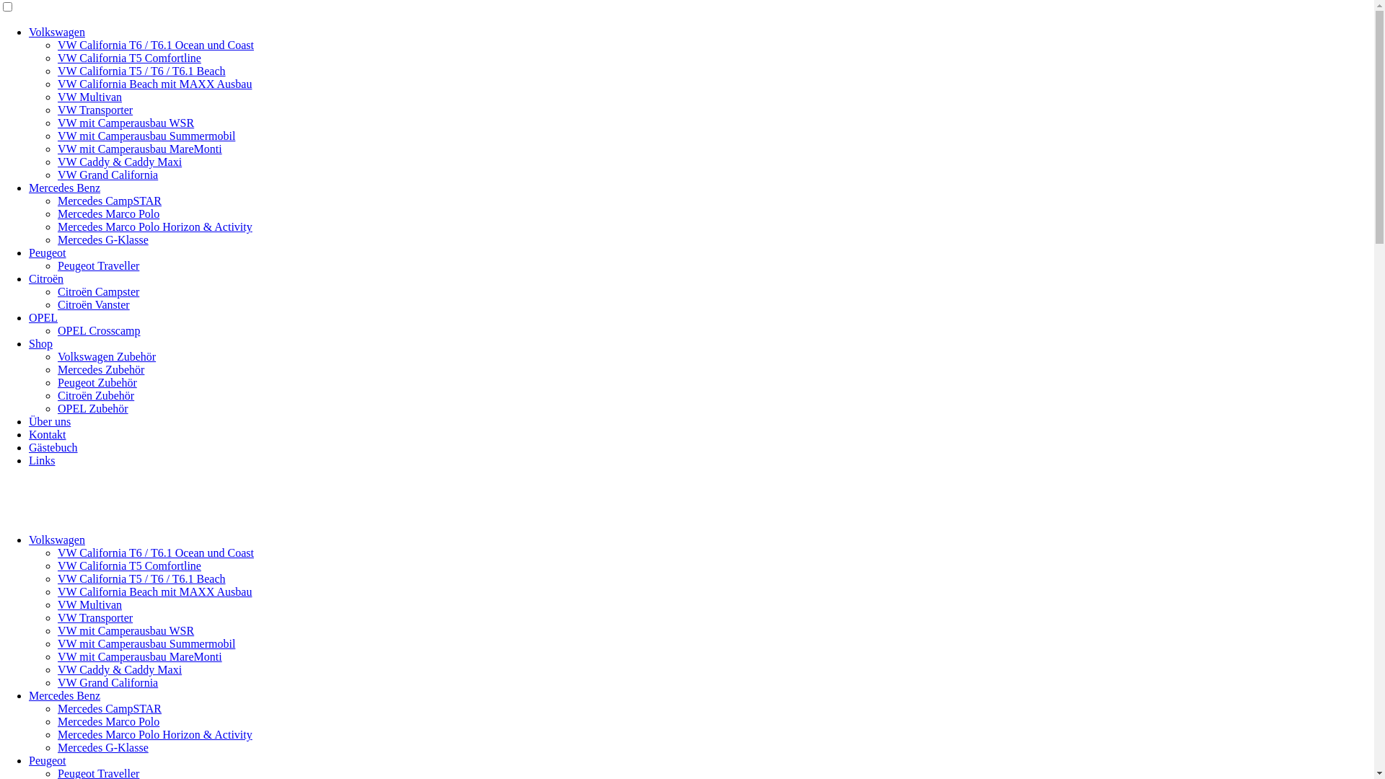 The height and width of the screenshot is (779, 1385). Describe the element at coordinates (120, 162) in the screenshot. I see `'VW Caddy & Caddy Maxi'` at that location.